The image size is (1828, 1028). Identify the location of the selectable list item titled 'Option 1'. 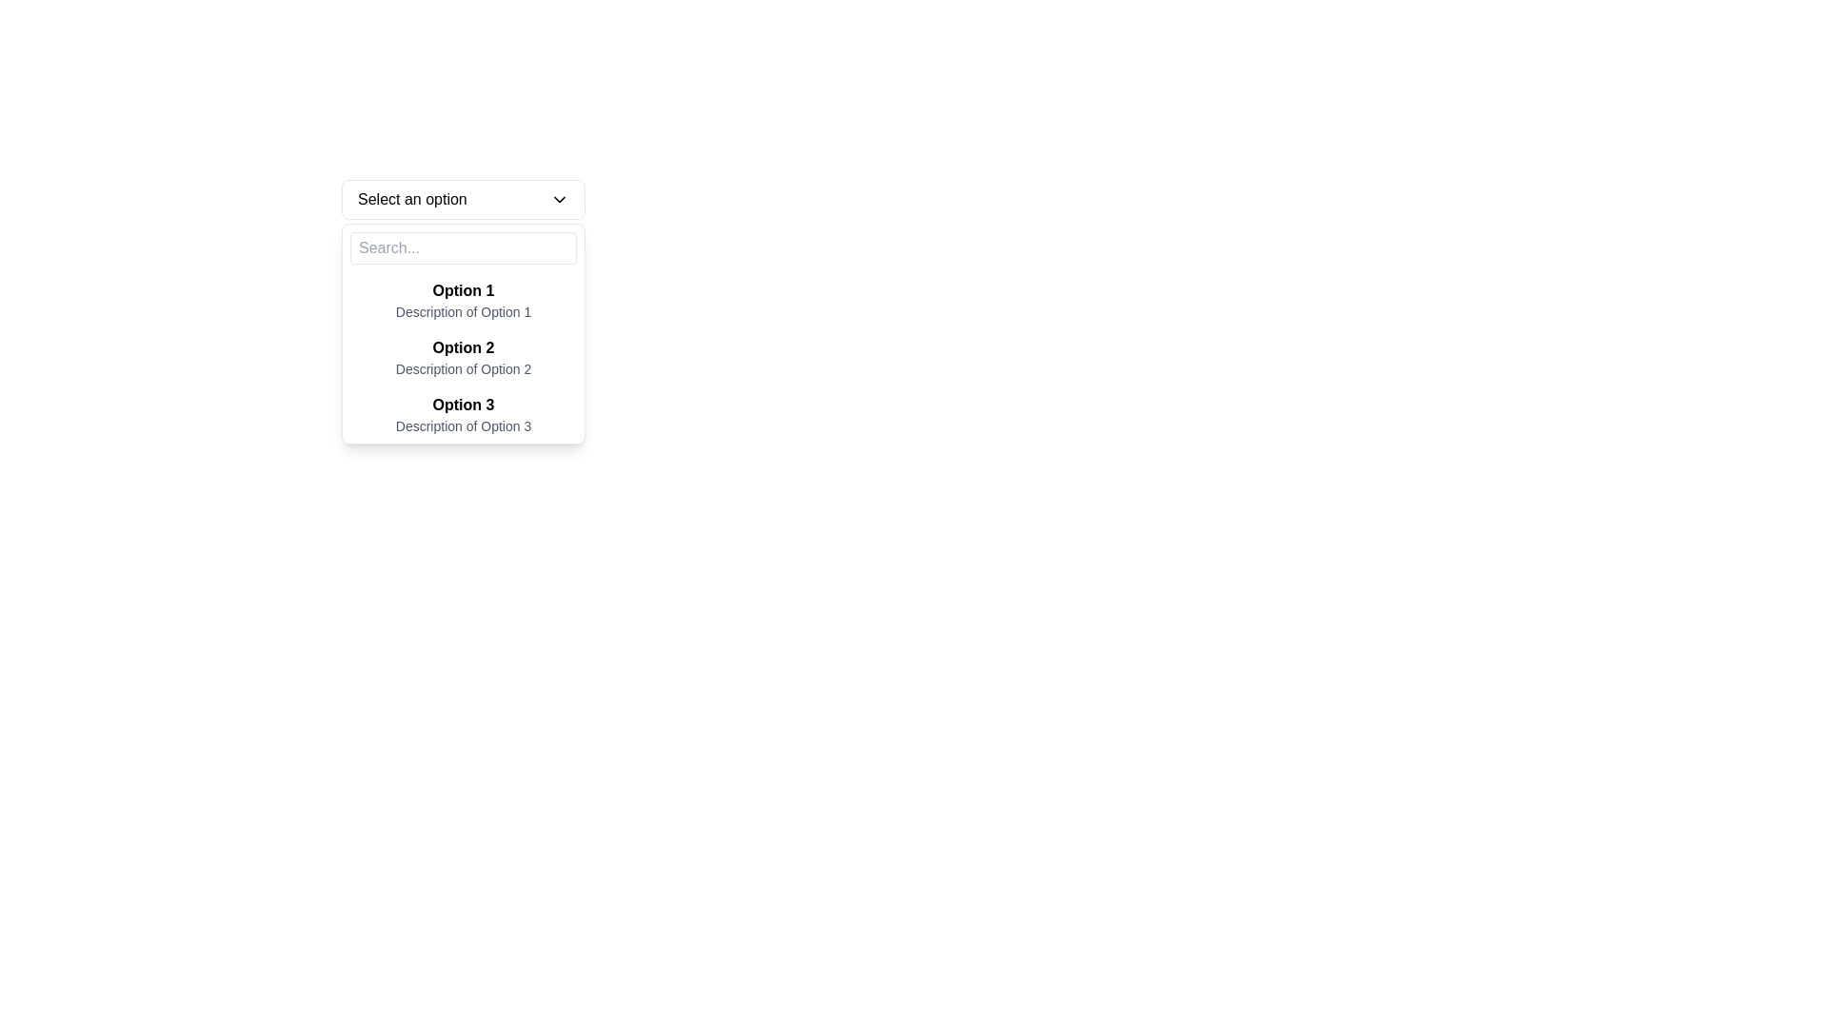
(463, 300).